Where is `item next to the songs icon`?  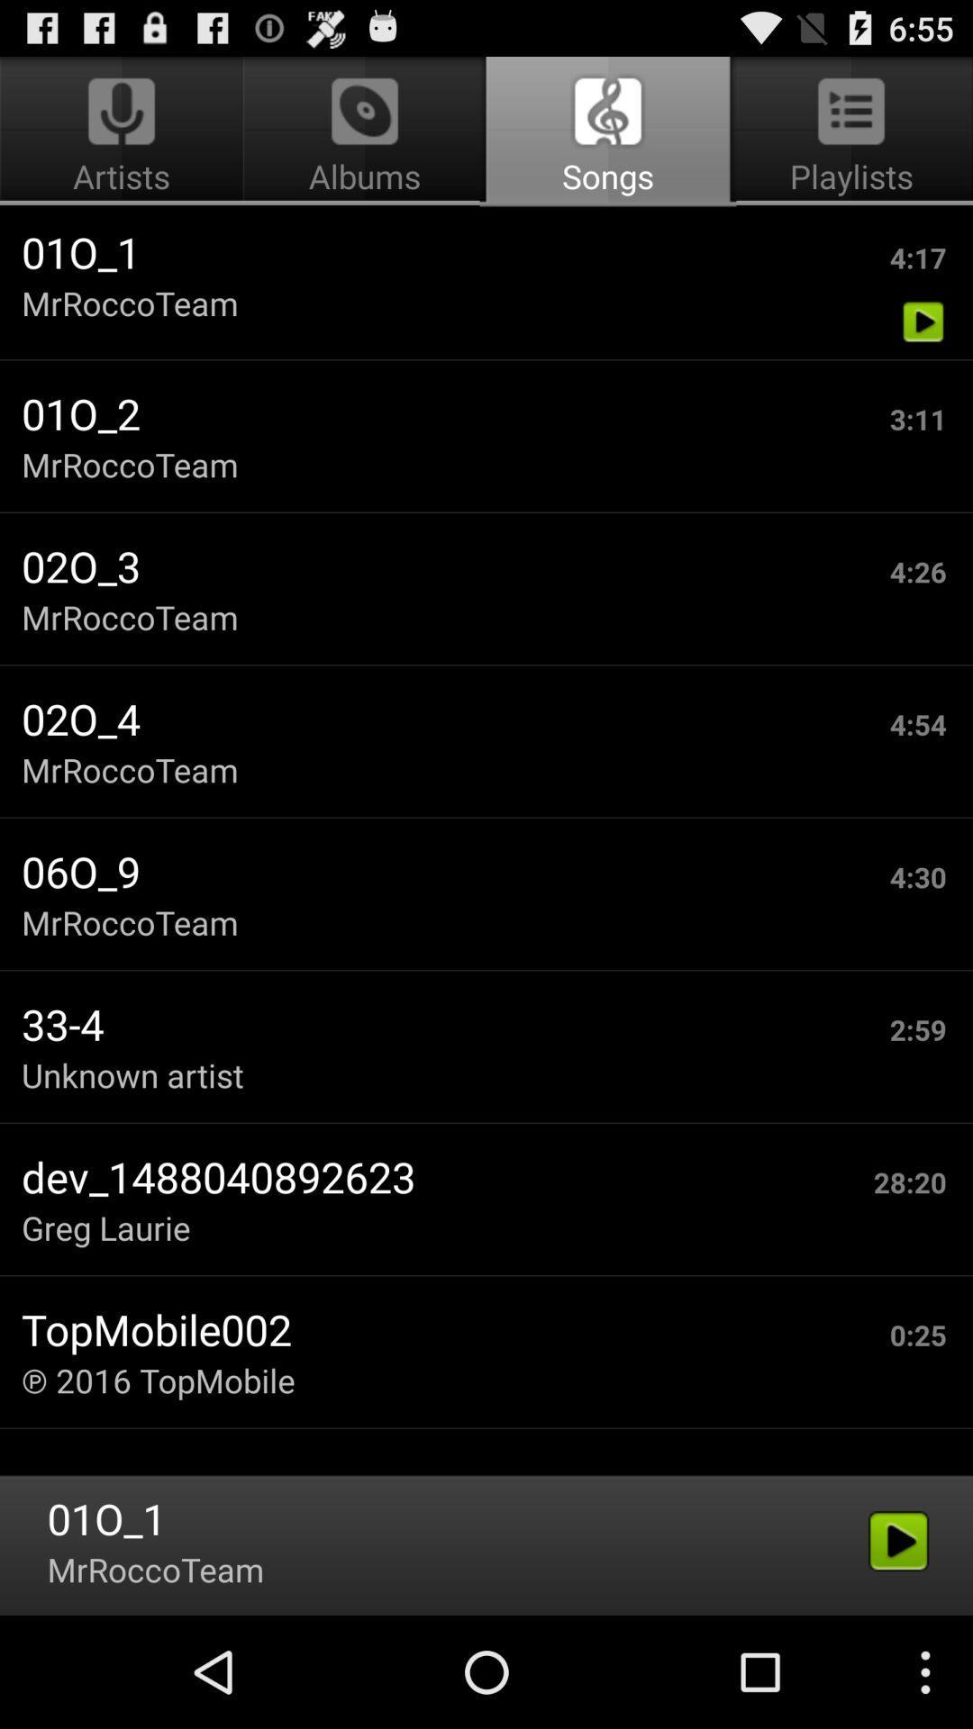
item next to the songs icon is located at coordinates (123, 131).